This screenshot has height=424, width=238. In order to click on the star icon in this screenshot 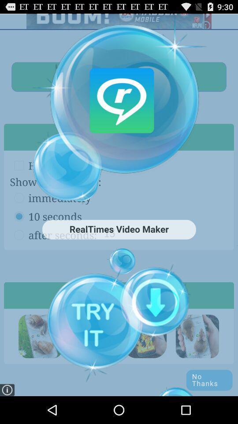, I will do `click(197, 360)`.